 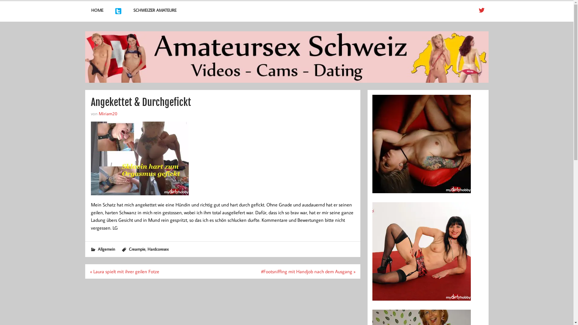 I want to click on 'Hardcoresex', so click(x=158, y=249).